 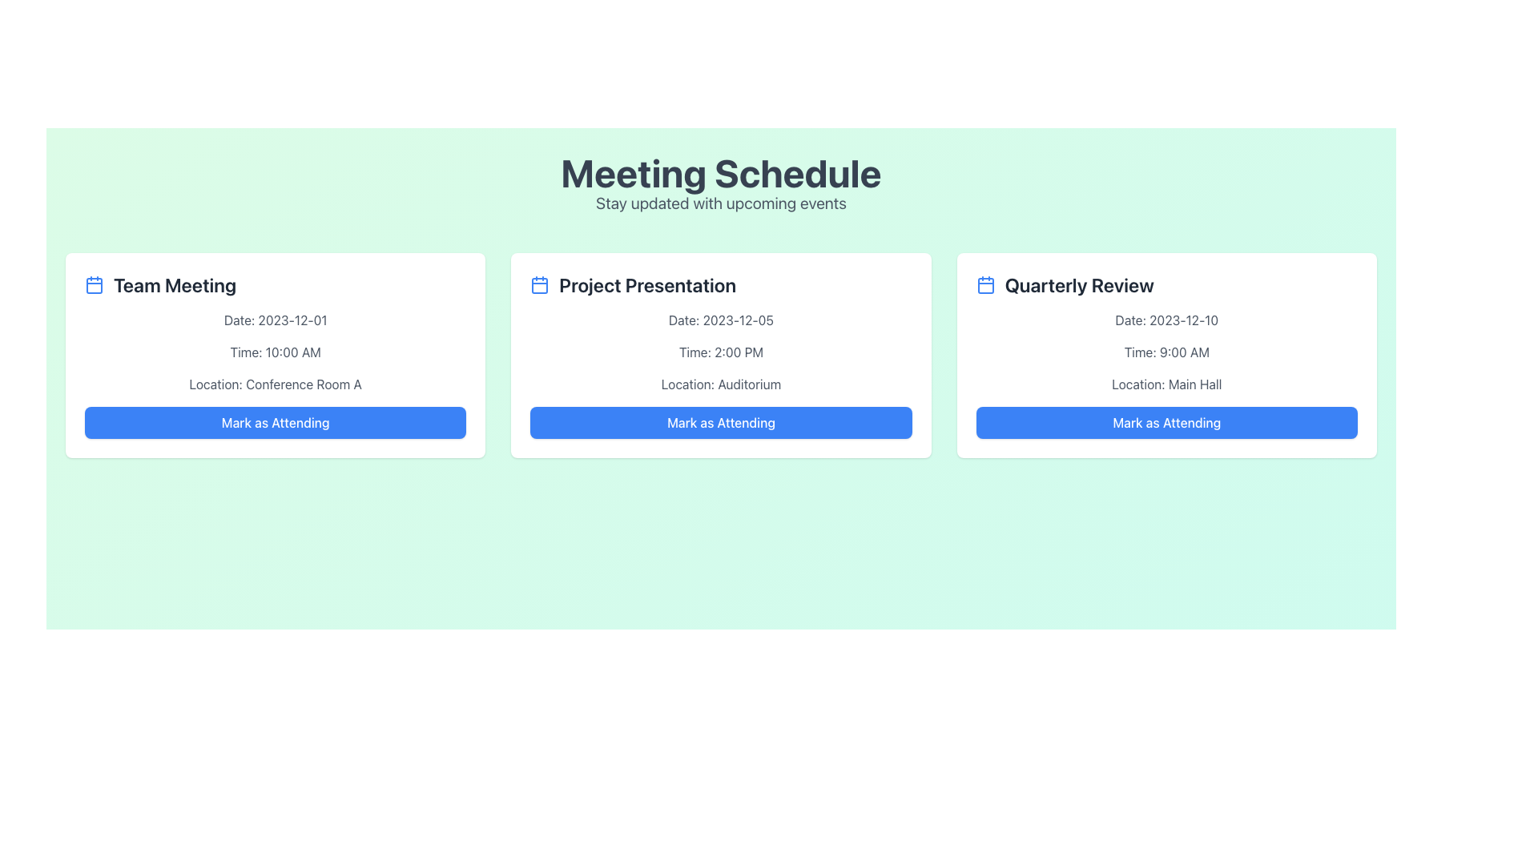 I want to click on the static text element that reads 'Stay updated with upcoming events', which is styled with a medium font size and gray color, located directly below the title 'Meeting Schedule', so click(x=720, y=203).